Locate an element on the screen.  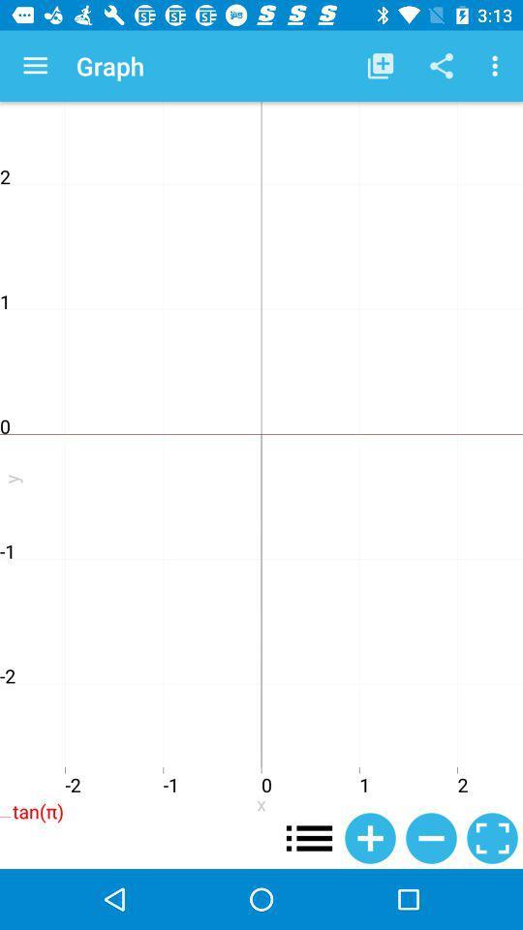
the list icon is located at coordinates (309, 837).